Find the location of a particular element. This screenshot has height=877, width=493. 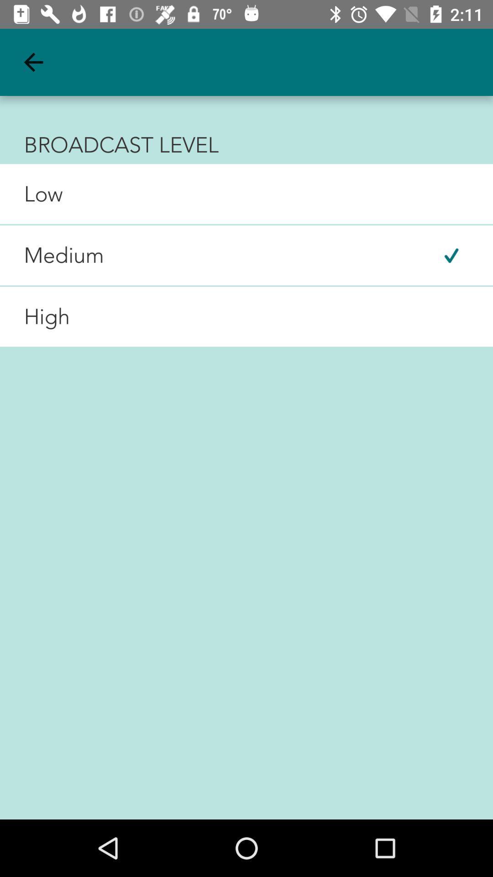

the item above medium is located at coordinates (31, 193).